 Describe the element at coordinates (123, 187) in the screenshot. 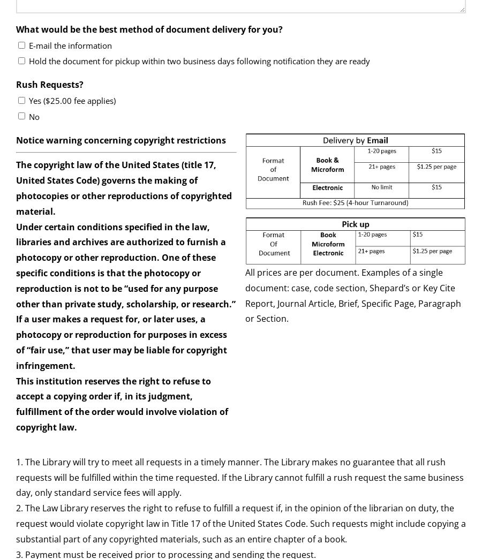

I see `'The copyright law of the United States (title 17, United
States Code) governs the making of photocopies or
other reproductions of copyrighted material.'` at that location.